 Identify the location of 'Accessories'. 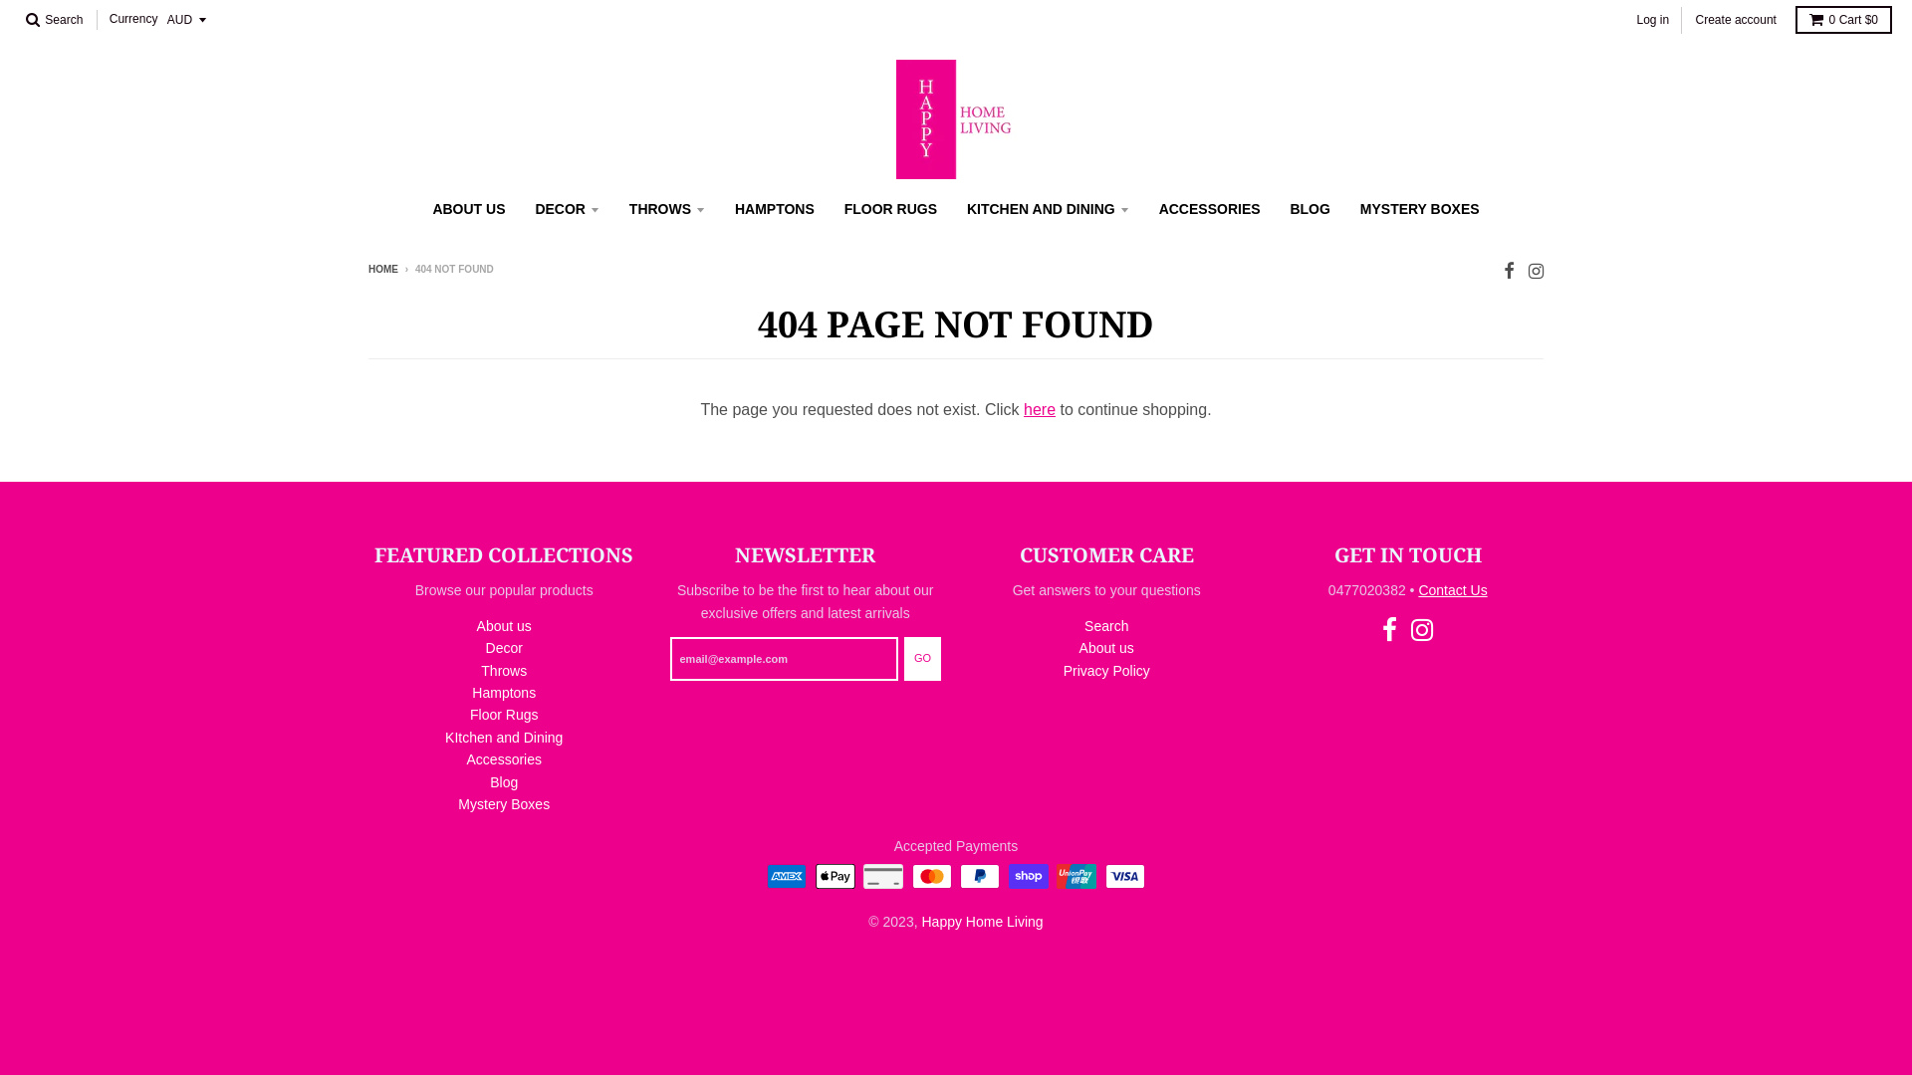
(504, 759).